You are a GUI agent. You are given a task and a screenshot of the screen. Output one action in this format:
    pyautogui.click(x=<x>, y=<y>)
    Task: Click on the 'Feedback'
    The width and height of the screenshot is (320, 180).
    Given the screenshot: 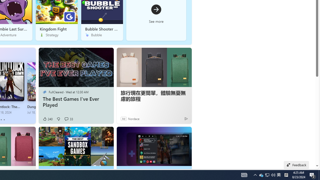 What is the action you would take?
    pyautogui.click(x=296, y=165)
    